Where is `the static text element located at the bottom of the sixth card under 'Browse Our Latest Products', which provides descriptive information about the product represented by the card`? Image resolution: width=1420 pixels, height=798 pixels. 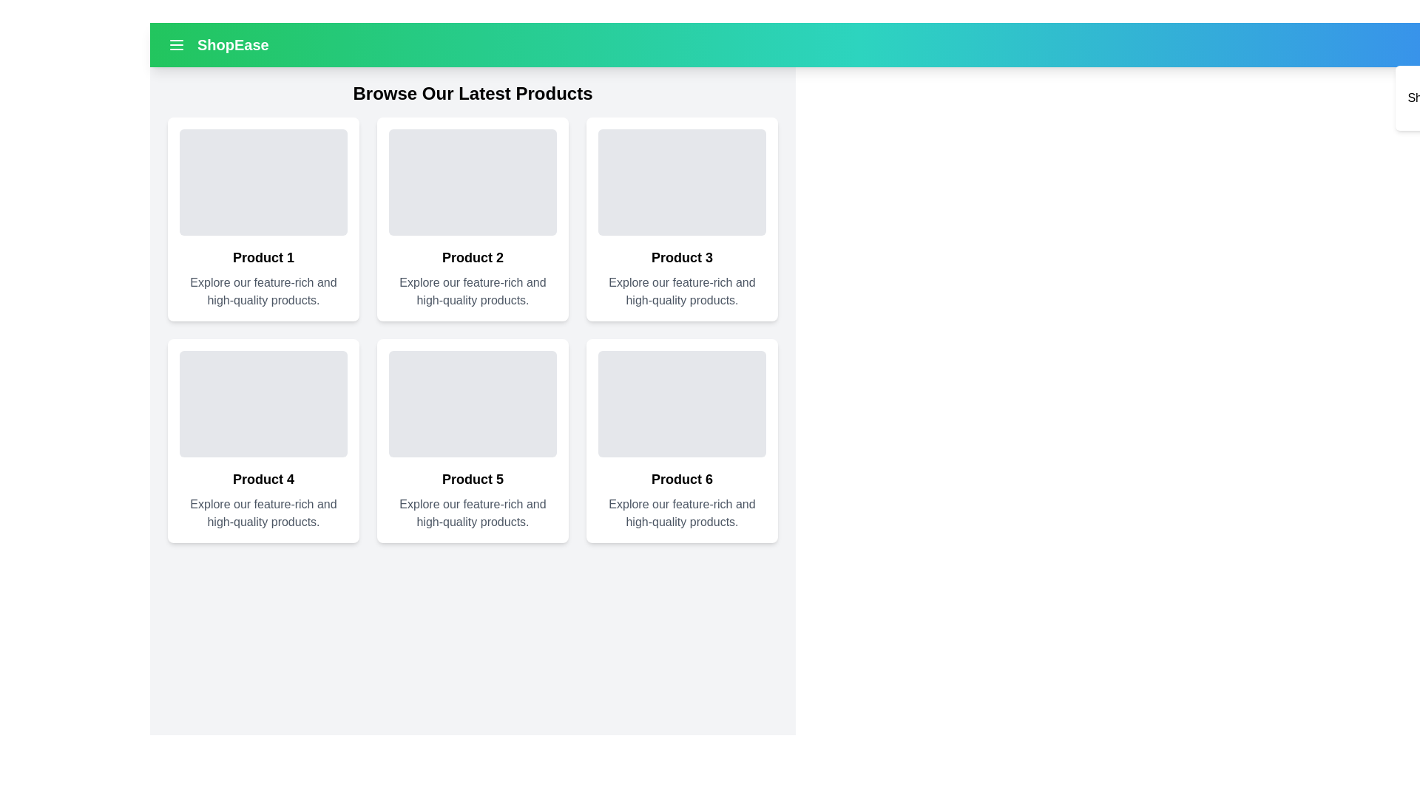
the static text element located at the bottom of the sixth card under 'Browse Our Latest Products', which provides descriptive information about the product represented by the card is located at coordinates (681, 512).